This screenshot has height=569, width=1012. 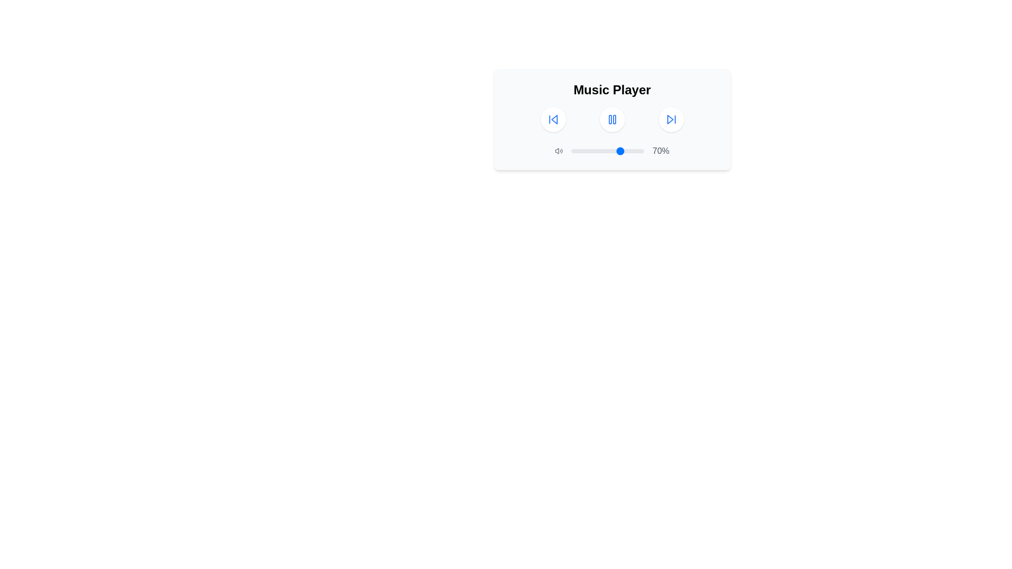 What do you see at coordinates (610, 119) in the screenshot?
I see `the left vertical bar of the pause button in the media player interface, which is part of a group of two similar vertical bars` at bounding box center [610, 119].